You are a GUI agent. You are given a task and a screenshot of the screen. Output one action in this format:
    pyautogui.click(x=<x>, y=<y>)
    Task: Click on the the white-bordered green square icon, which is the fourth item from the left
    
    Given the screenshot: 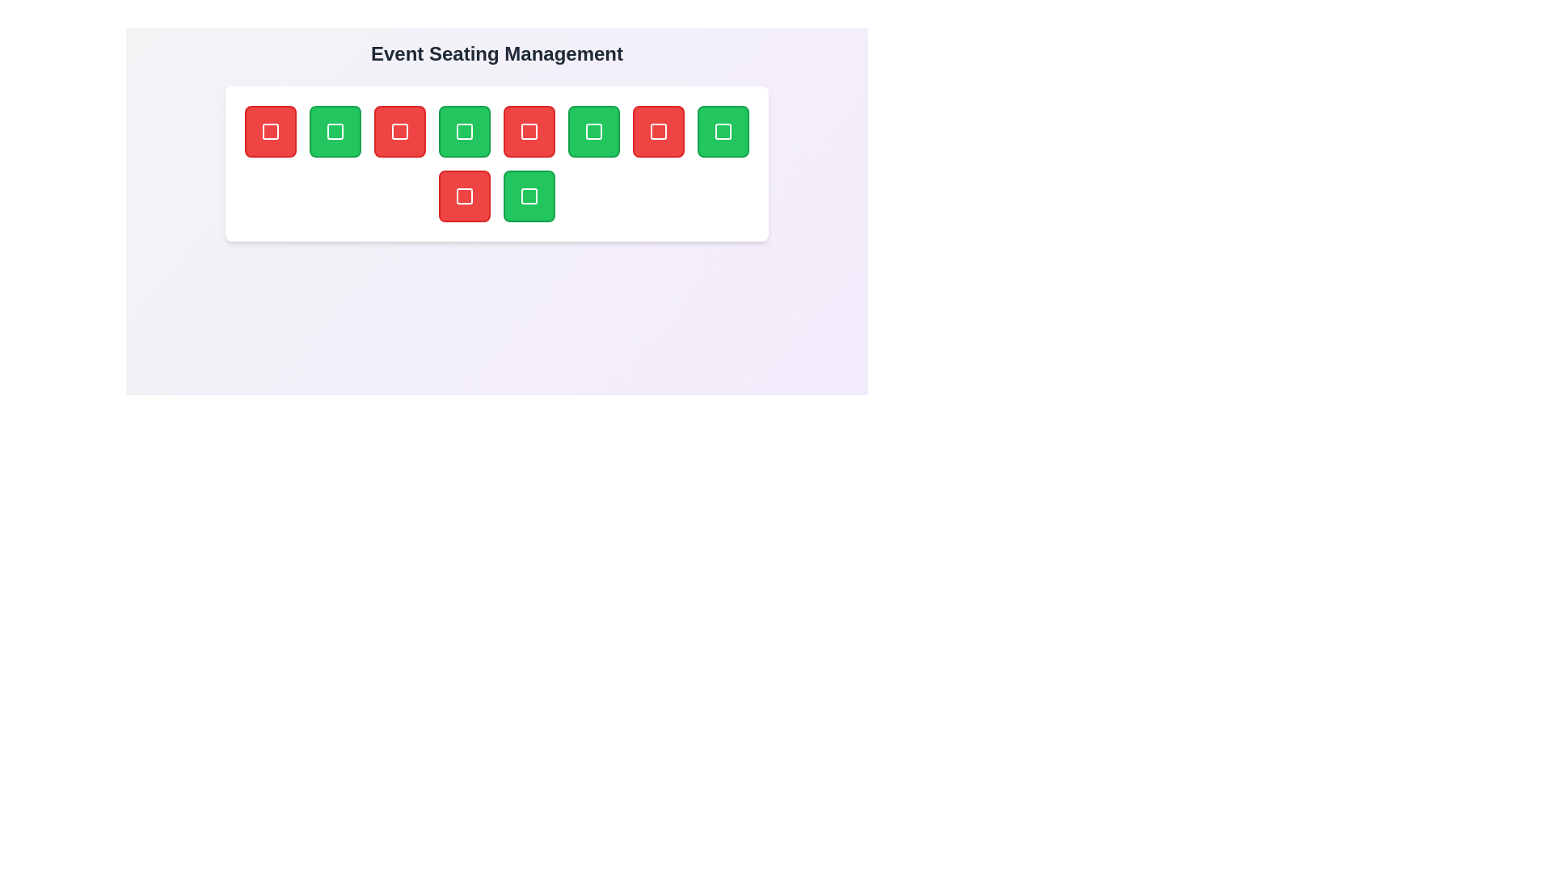 What is the action you would take?
    pyautogui.click(x=464, y=130)
    